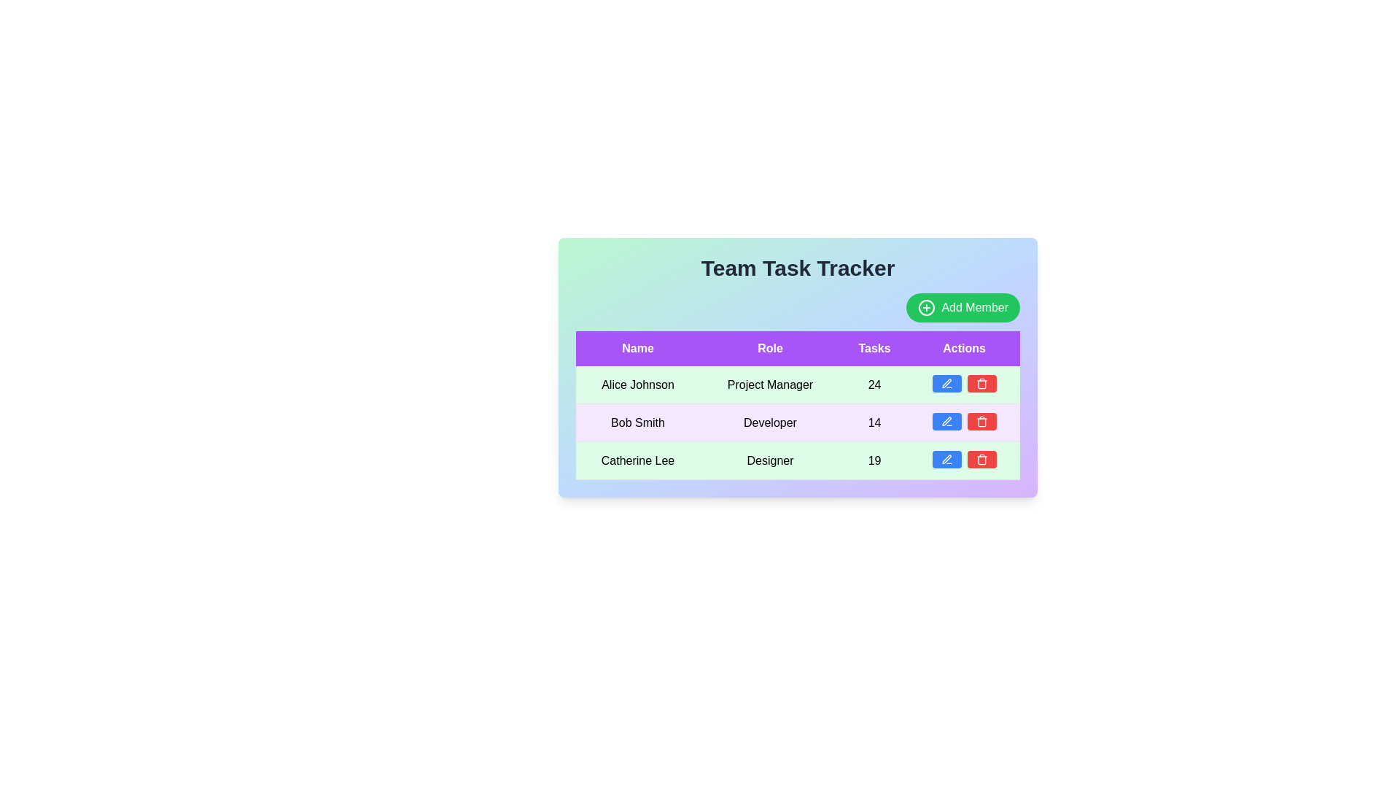  What do you see at coordinates (981, 458) in the screenshot?
I see `the delete button corresponding to the team member Catherine Lee` at bounding box center [981, 458].